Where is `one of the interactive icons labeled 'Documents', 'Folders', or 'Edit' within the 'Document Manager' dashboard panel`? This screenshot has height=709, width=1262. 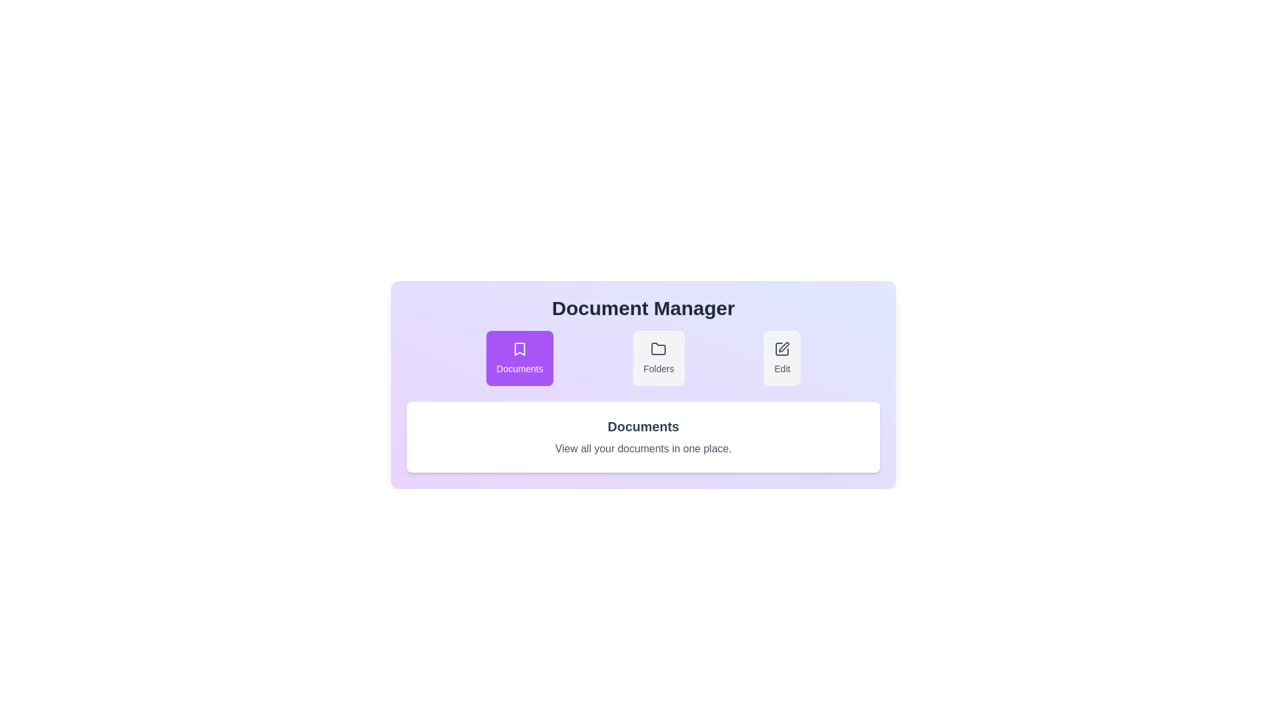
one of the interactive icons labeled 'Documents', 'Folders', or 'Edit' within the 'Document Manager' dashboard panel is located at coordinates (643, 377).